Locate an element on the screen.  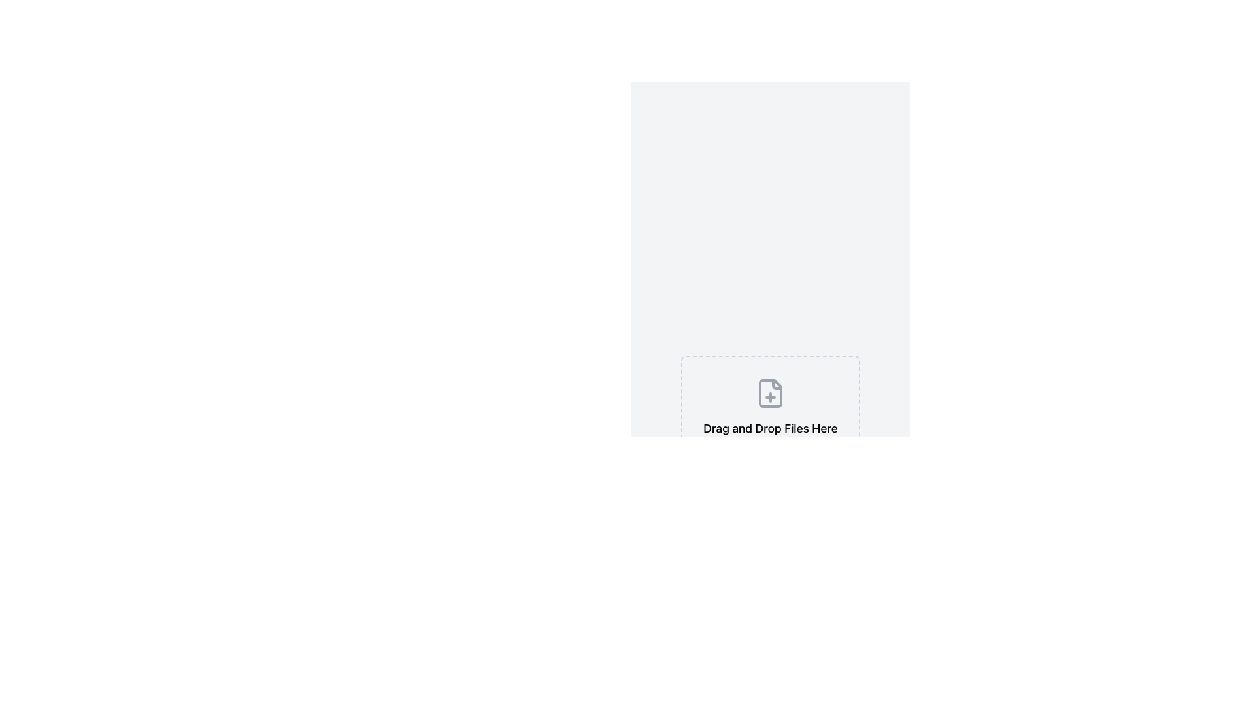
files onto the interactive drop zone for file upload, which features a document icon with a plus sign and the text 'Drag and Drop Files Here' is located at coordinates (771, 435).